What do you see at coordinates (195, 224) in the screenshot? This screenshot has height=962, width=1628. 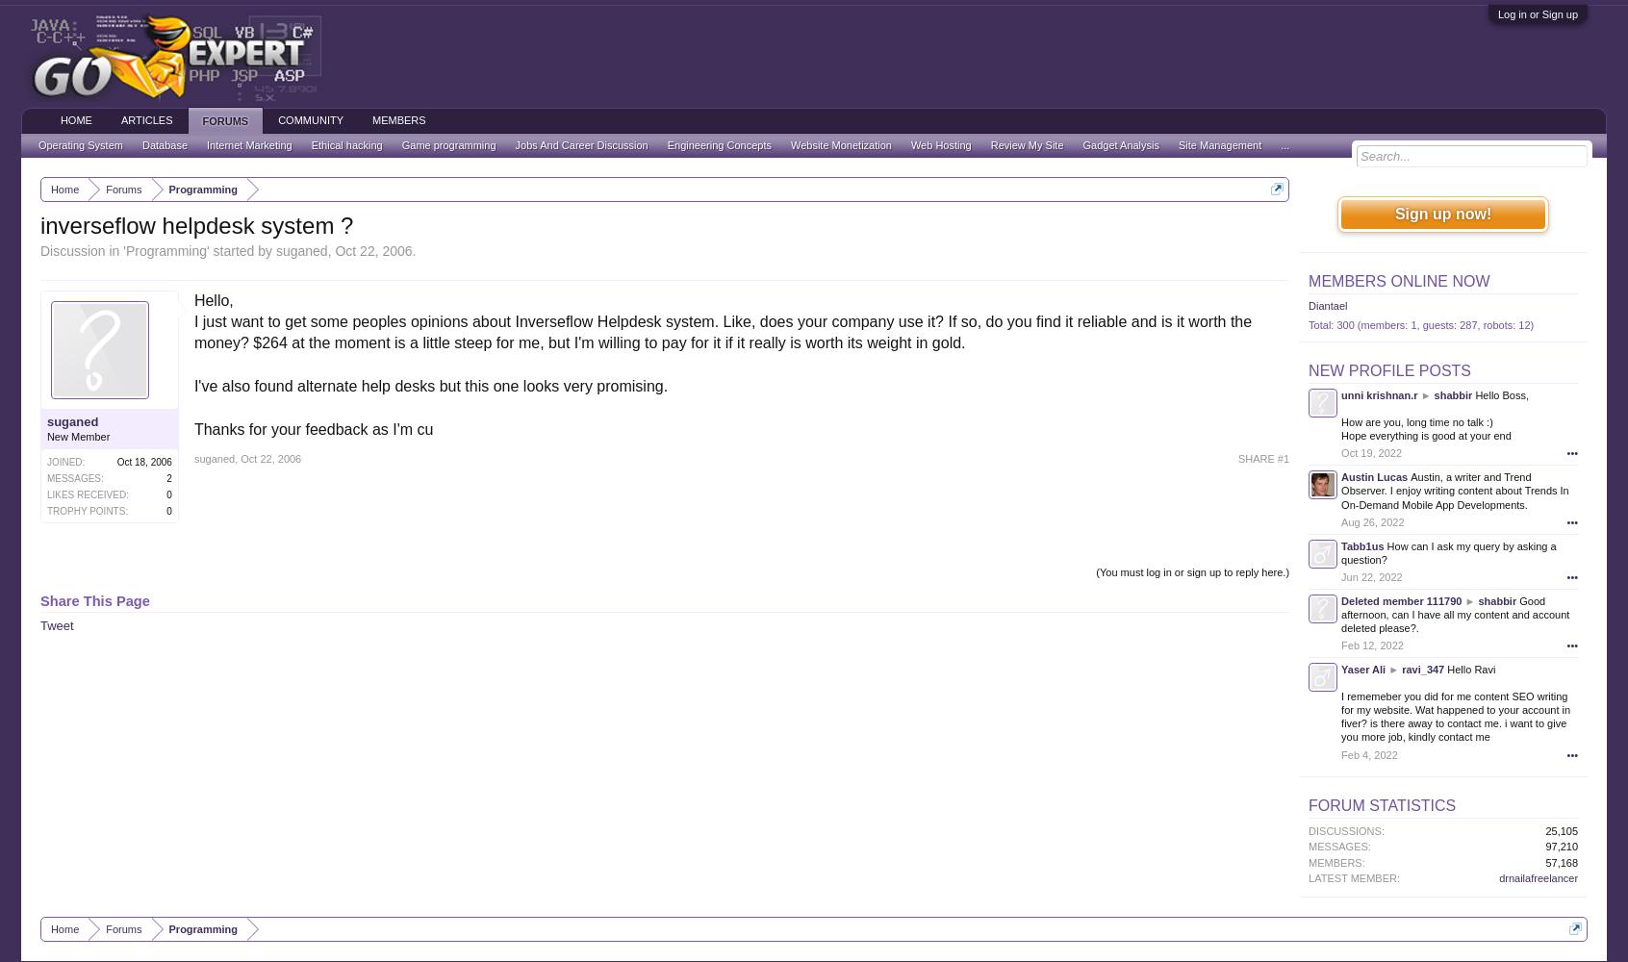 I see `'inverseflow helpdesk system ?'` at bounding box center [195, 224].